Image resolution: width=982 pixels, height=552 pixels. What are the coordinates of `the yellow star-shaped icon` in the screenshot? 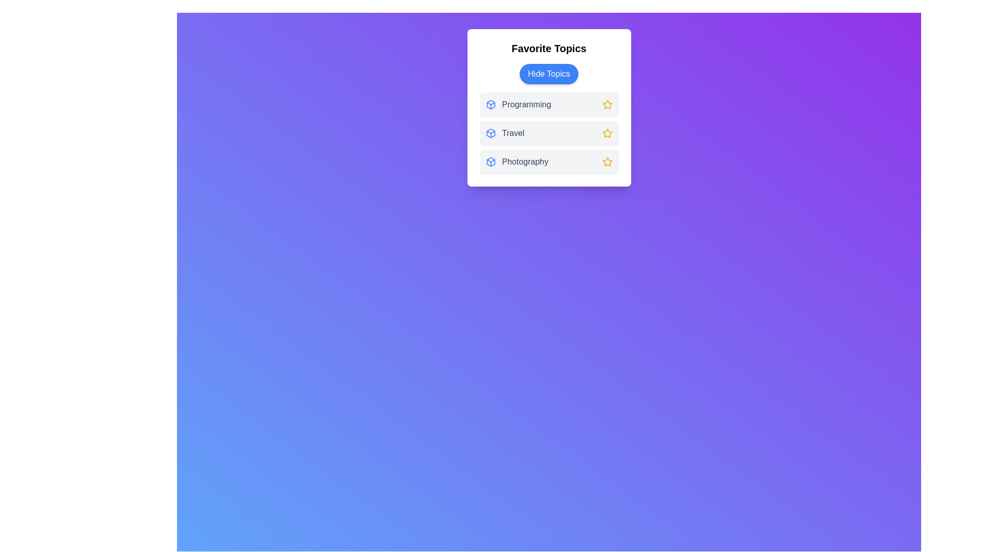 It's located at (607, 104).